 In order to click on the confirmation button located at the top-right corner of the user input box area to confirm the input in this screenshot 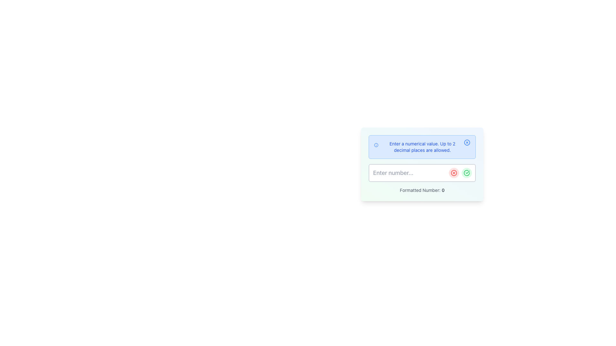, I will do `click(466, 173)`.